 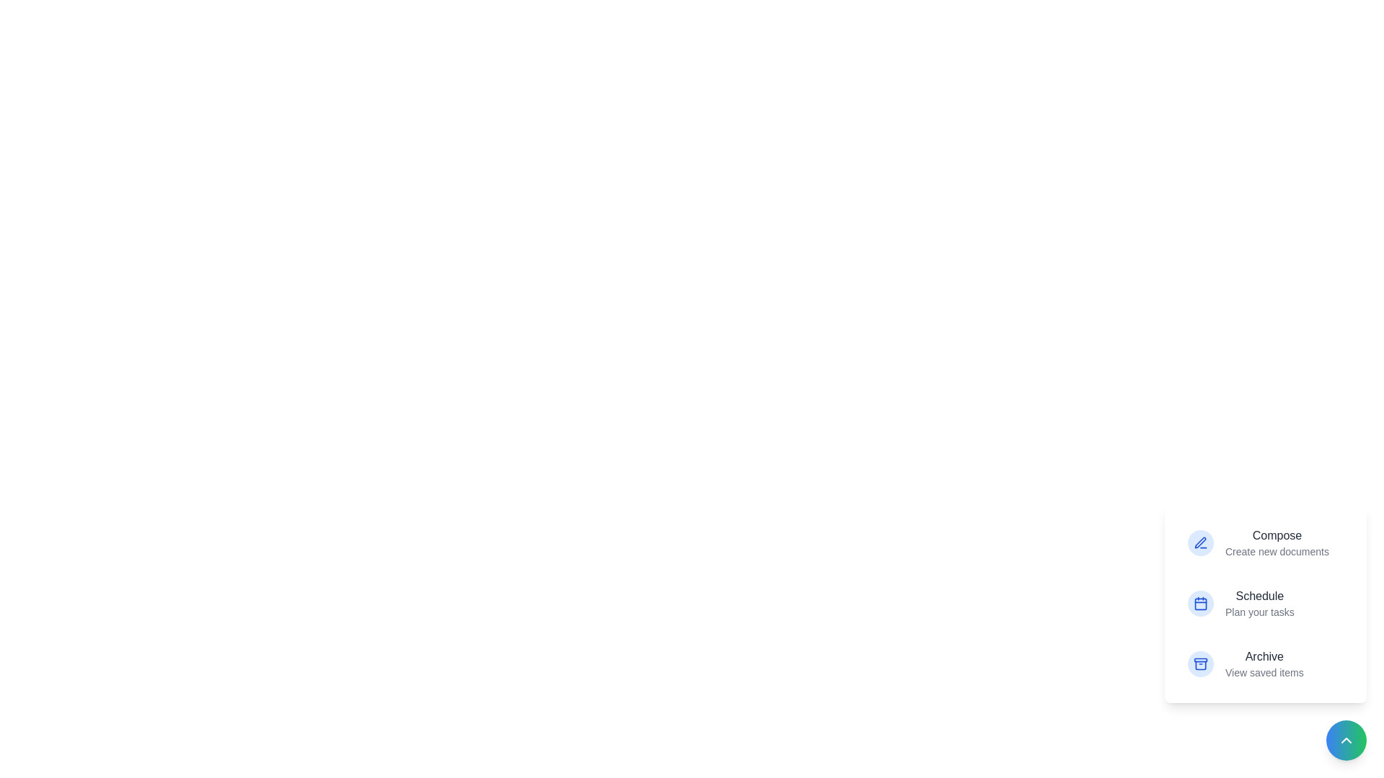 I want to click on the button with the arrow icon to toggle the menu visibility, so click(x=1345, y=741).